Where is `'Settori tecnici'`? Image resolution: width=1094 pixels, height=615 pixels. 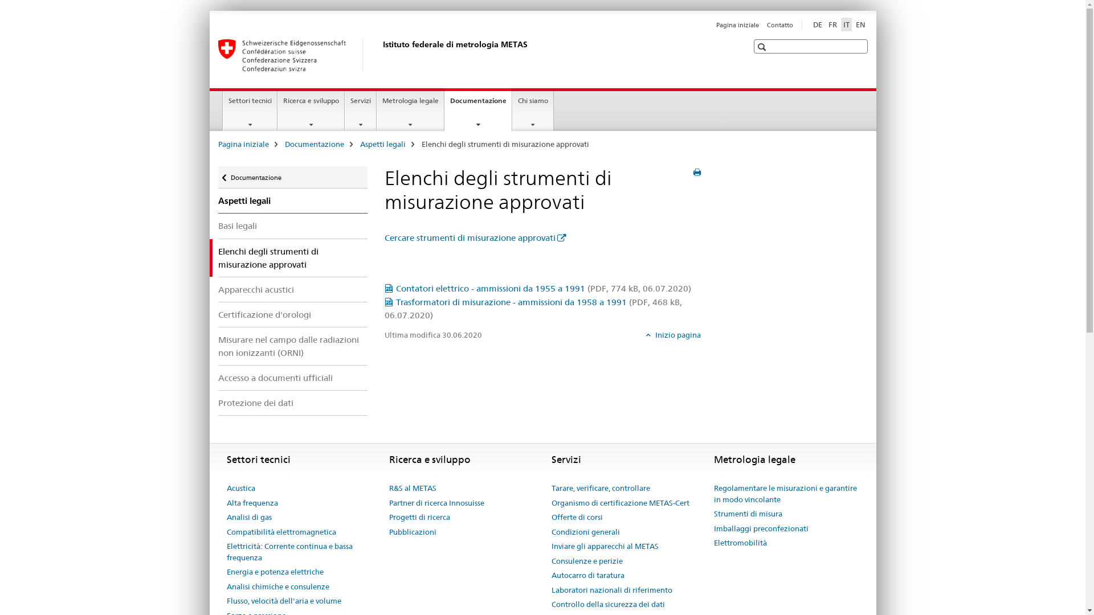 'Settori tecnici' is located at coordinates (249, 111).